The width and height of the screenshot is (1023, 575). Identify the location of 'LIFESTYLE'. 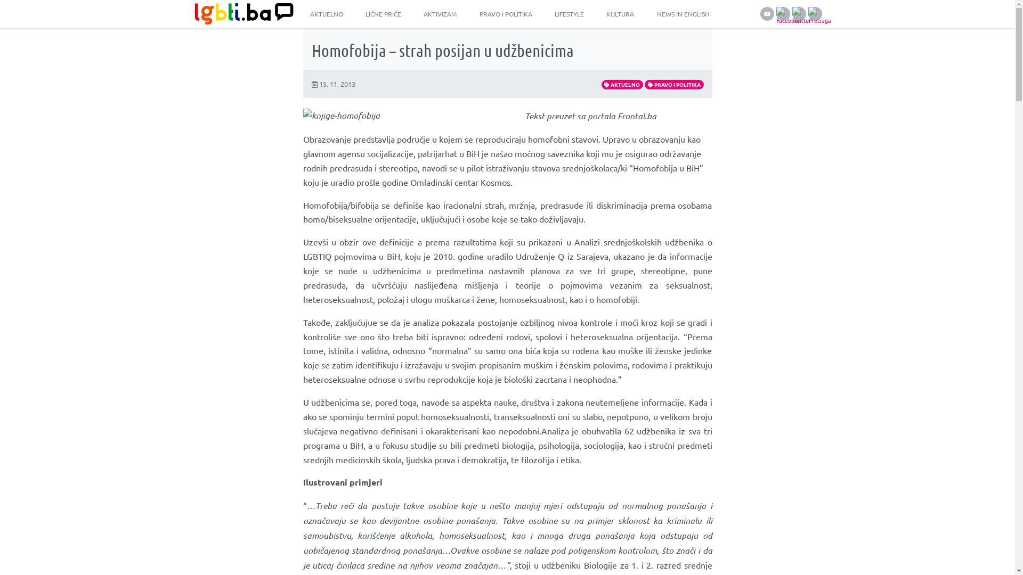
(569, 14).